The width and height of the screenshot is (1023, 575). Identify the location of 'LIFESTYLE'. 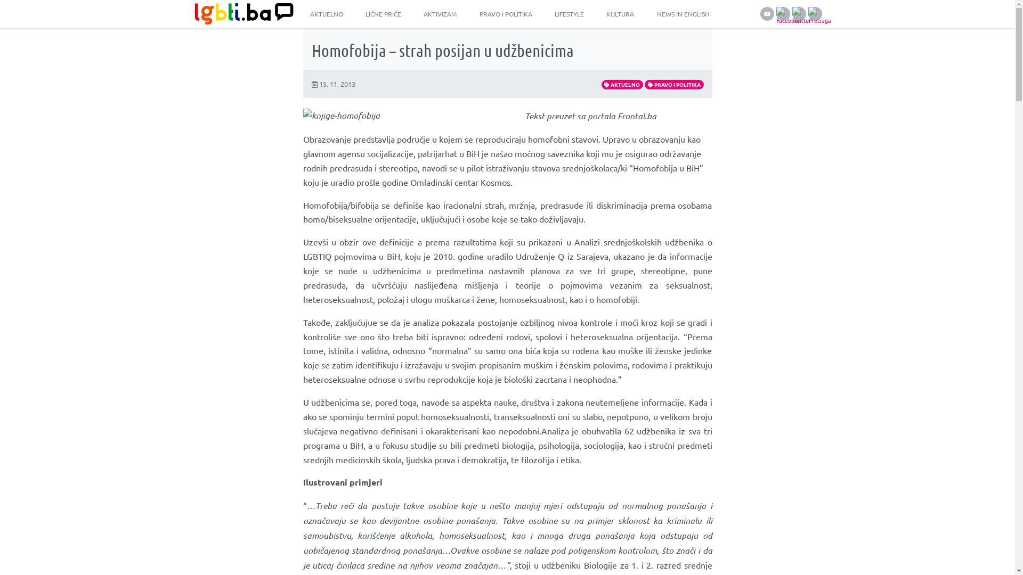
(569, 14).